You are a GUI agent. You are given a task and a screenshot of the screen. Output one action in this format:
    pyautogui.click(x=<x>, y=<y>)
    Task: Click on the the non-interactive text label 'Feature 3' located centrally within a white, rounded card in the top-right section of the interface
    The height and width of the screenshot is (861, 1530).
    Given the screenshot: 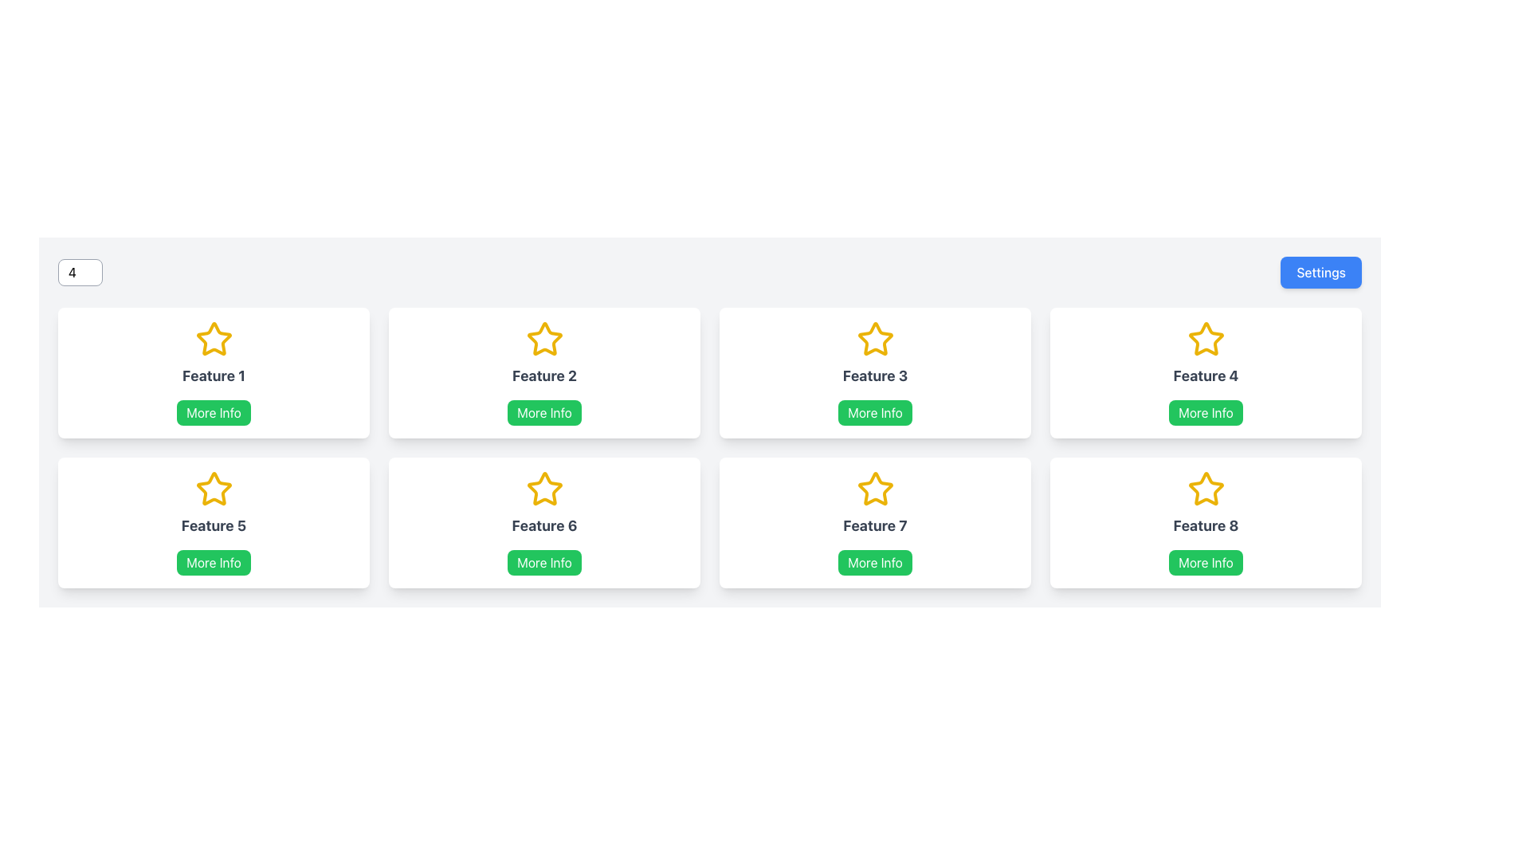 What is the action you would take?
    pyautogui.click(x=874, y=375)
    